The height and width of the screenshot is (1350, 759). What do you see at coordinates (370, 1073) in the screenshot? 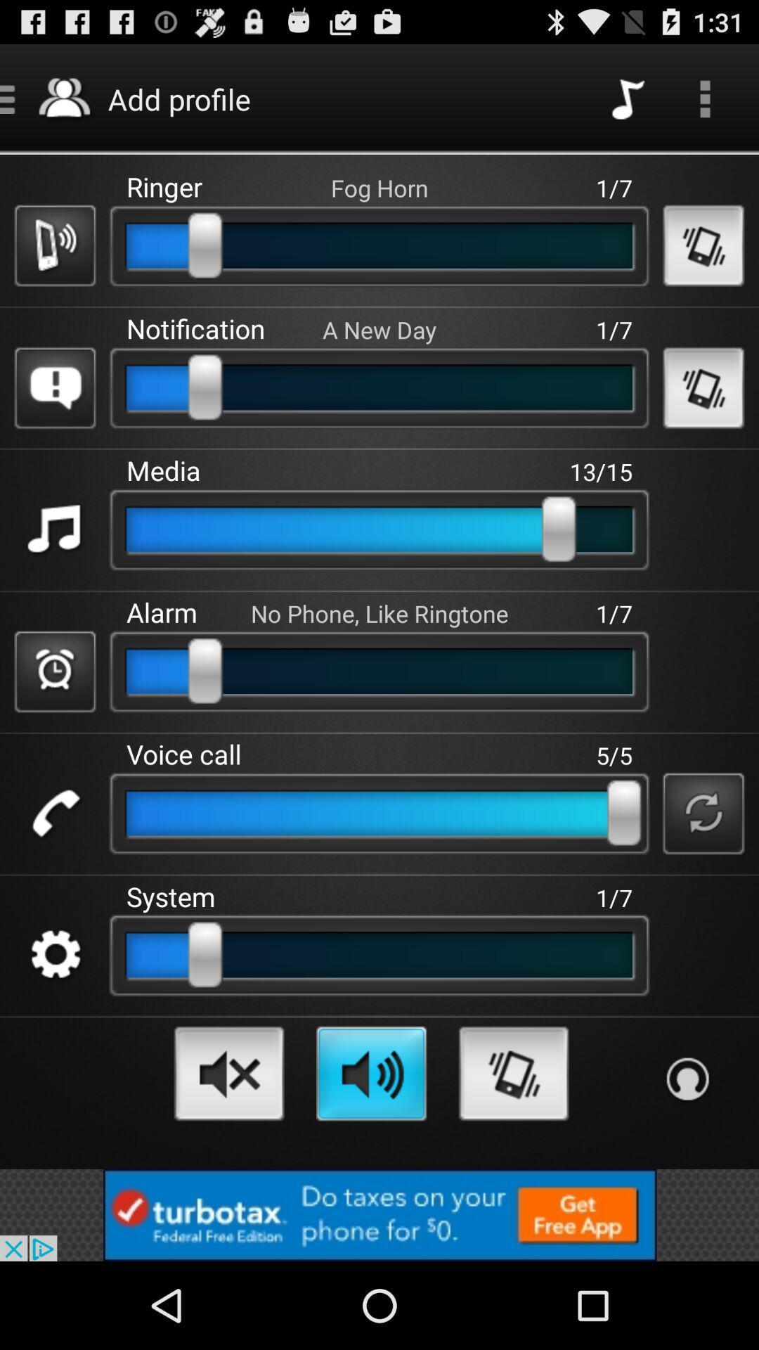
I see `volume button which is above do taxes on the page` at bounding box center [370, 1073].